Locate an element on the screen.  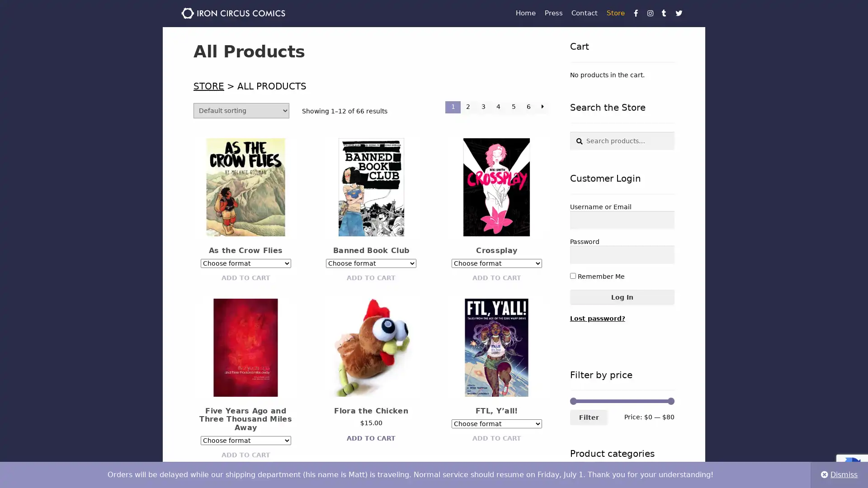
ADD TO CART is located at coordinates (245, 277).